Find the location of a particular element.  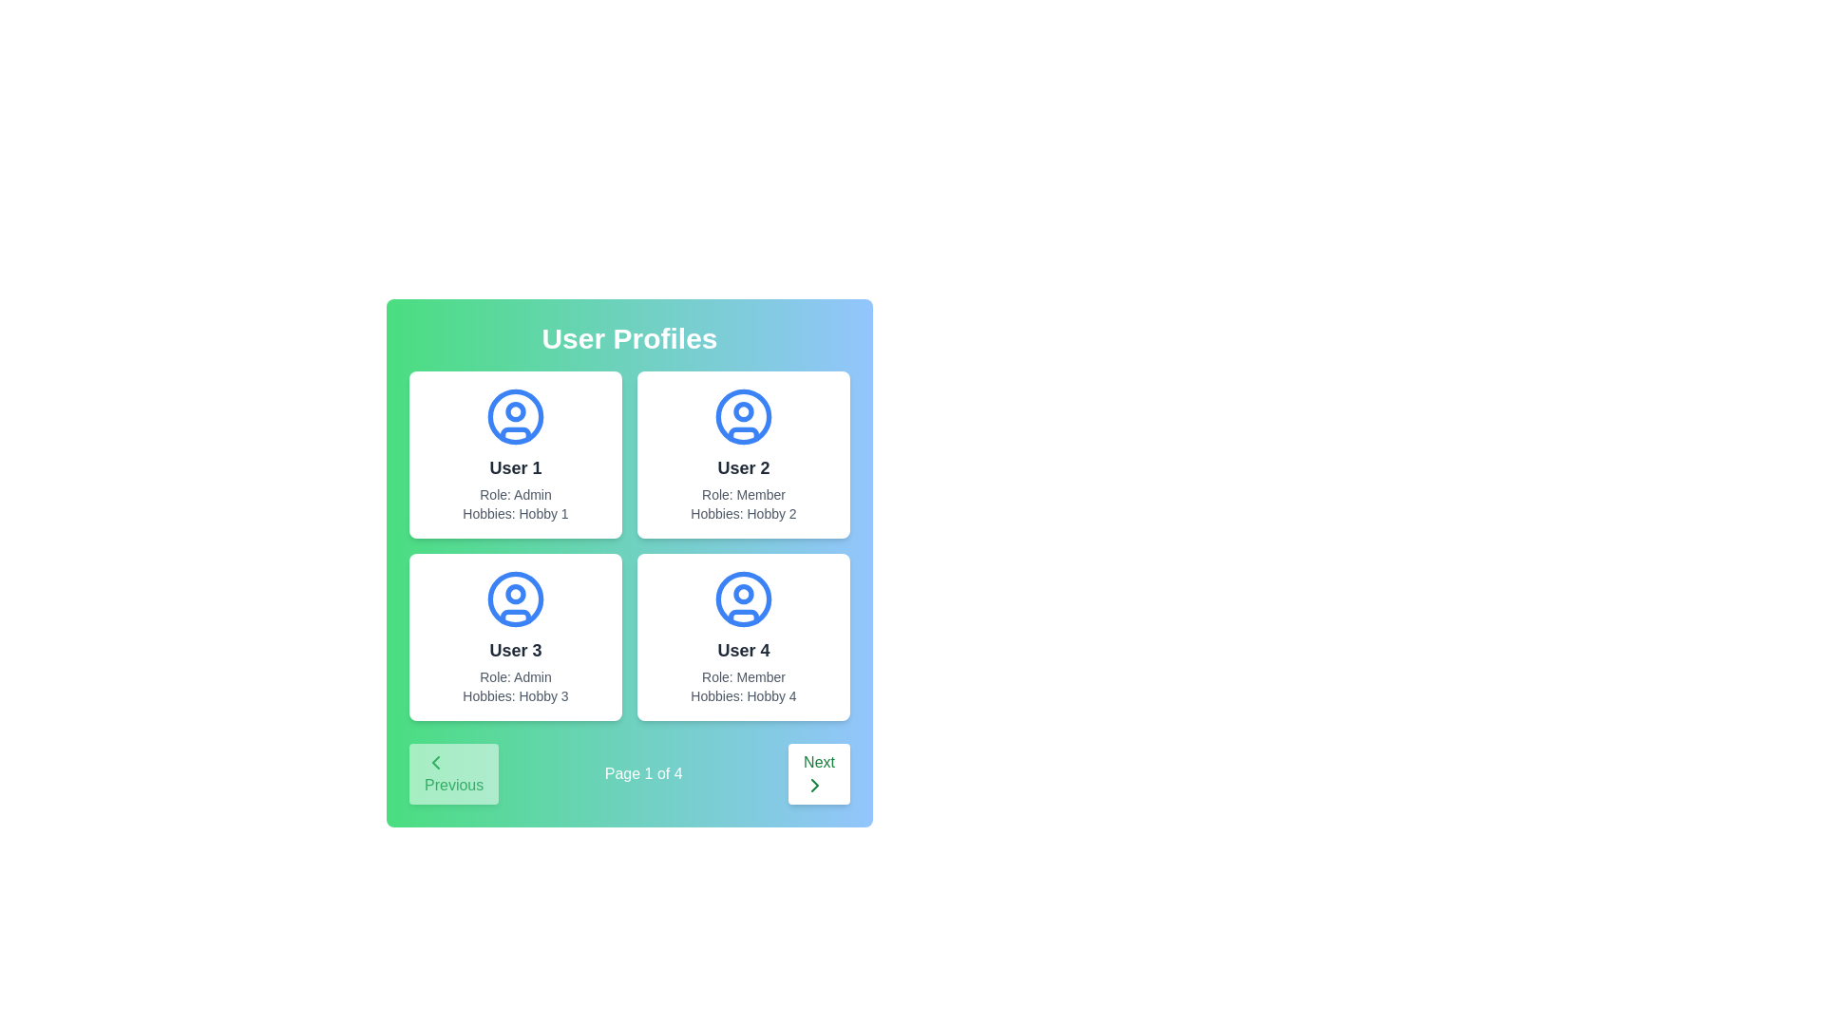

the user profile card located in the top-left corner of the grid that displays user information including name, role, and hobbies is located at coordinates (515, 454).